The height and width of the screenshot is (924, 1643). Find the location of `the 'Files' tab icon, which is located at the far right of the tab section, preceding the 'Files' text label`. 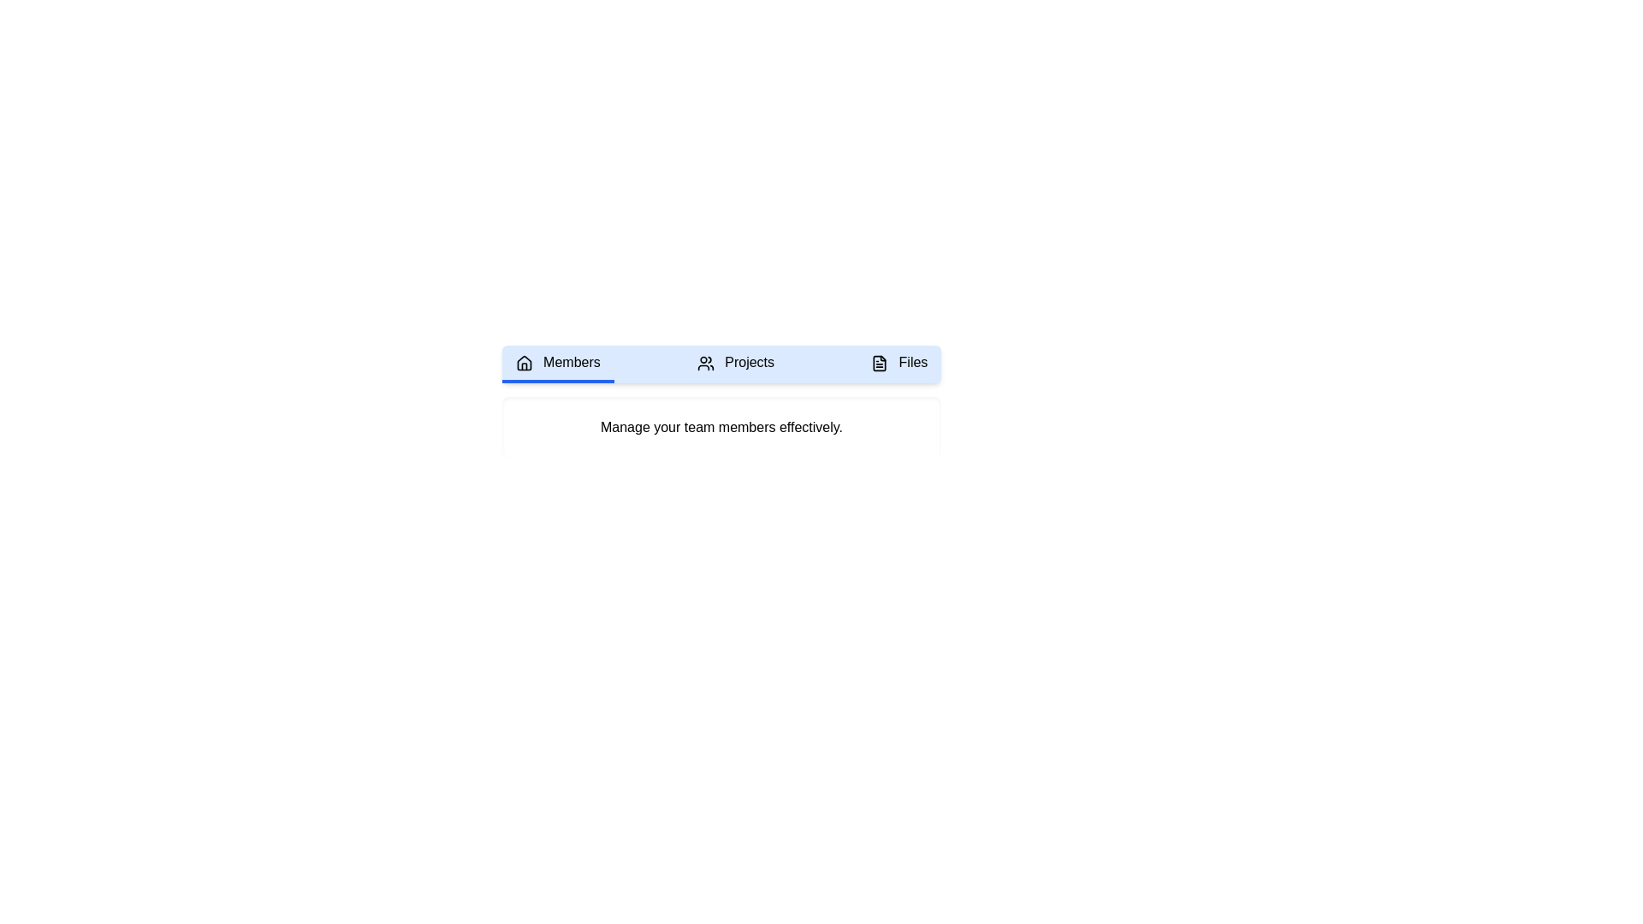

the 'Files' tab icon, which is located at the far right of the tab section, preceding the 'Files' text label is located at coordinates (880, 362).